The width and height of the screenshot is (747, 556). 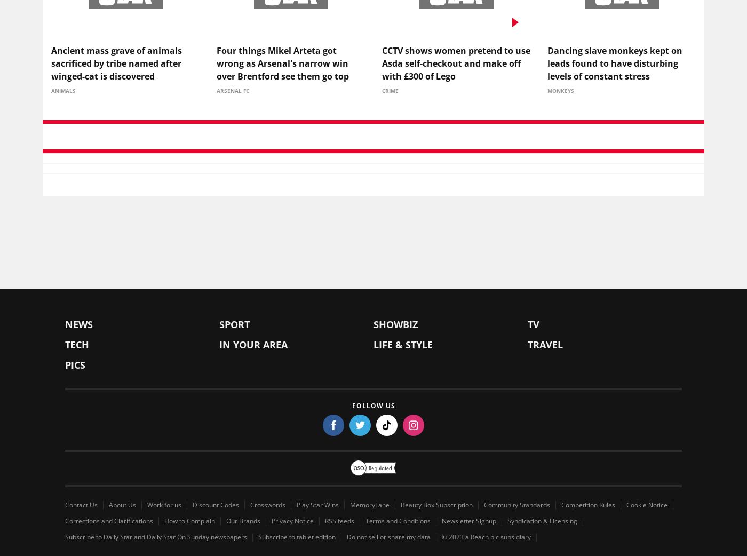 I want to click on 'Ryan Giggs', so click(x=382, y=296).